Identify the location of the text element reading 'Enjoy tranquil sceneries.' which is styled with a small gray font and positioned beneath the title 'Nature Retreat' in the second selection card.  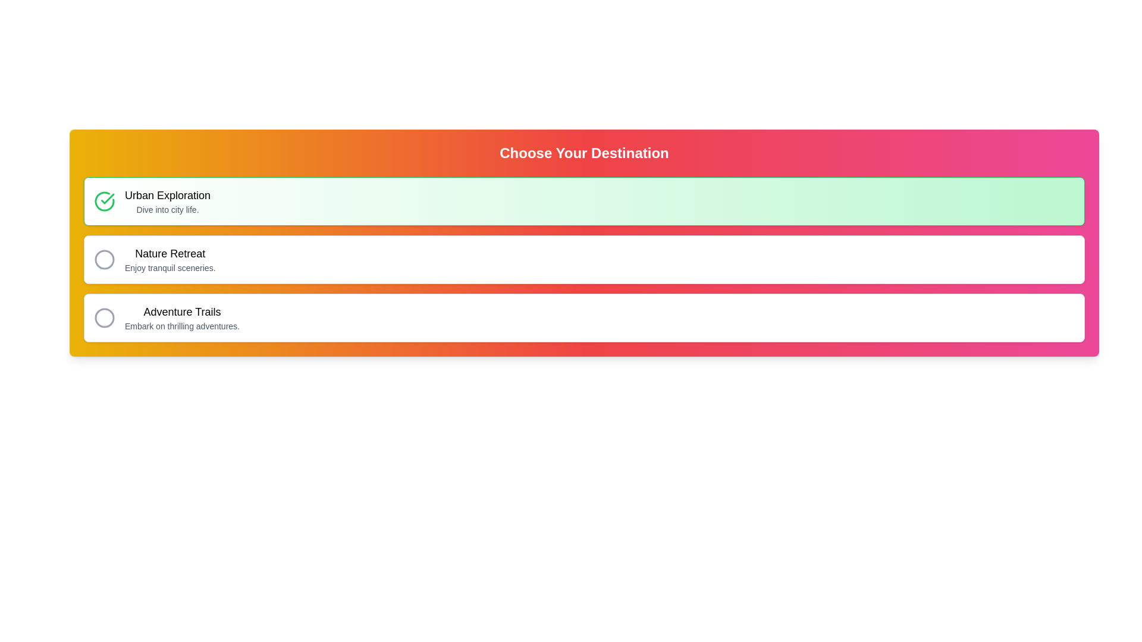
(170, 268).